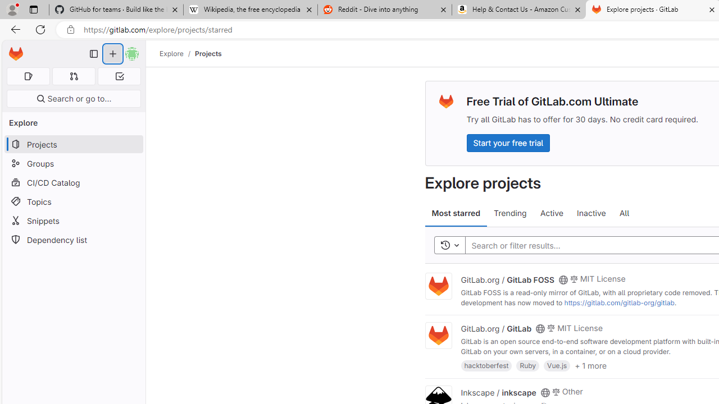 The image size is (719, 404). I want to click on 'Topics', so click(73, 201).